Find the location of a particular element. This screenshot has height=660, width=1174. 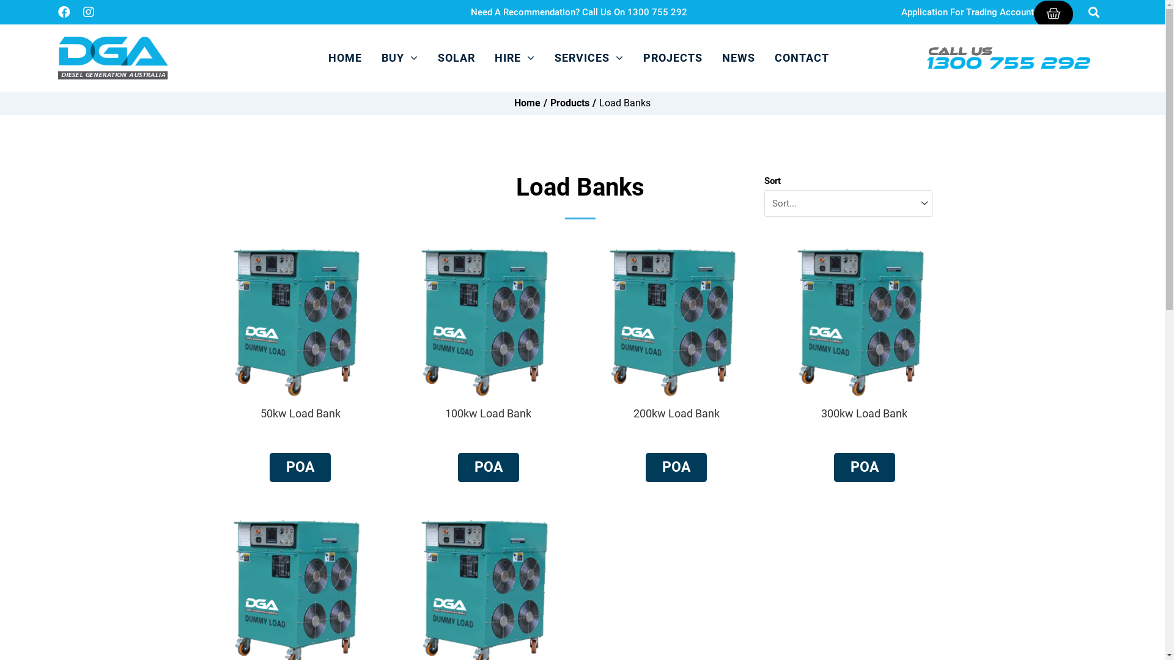

'Home' is located at coordinates (527, 103).